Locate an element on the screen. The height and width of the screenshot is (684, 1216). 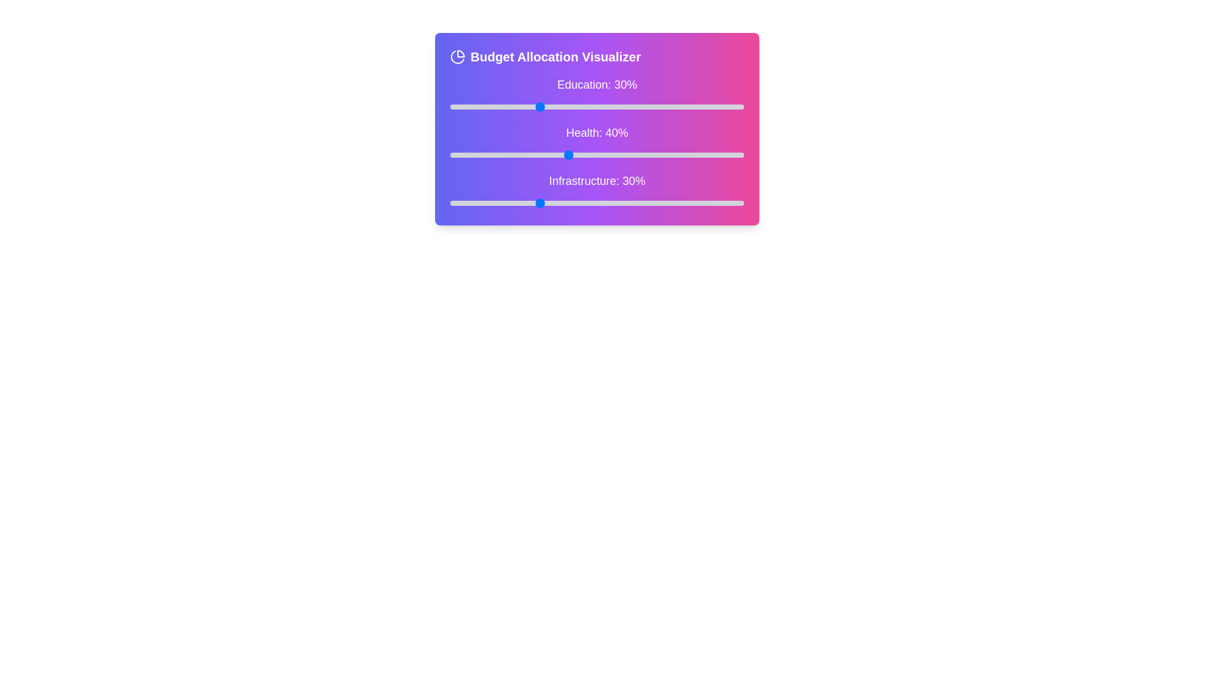
the Education budget is located at coordinates (735, 106).